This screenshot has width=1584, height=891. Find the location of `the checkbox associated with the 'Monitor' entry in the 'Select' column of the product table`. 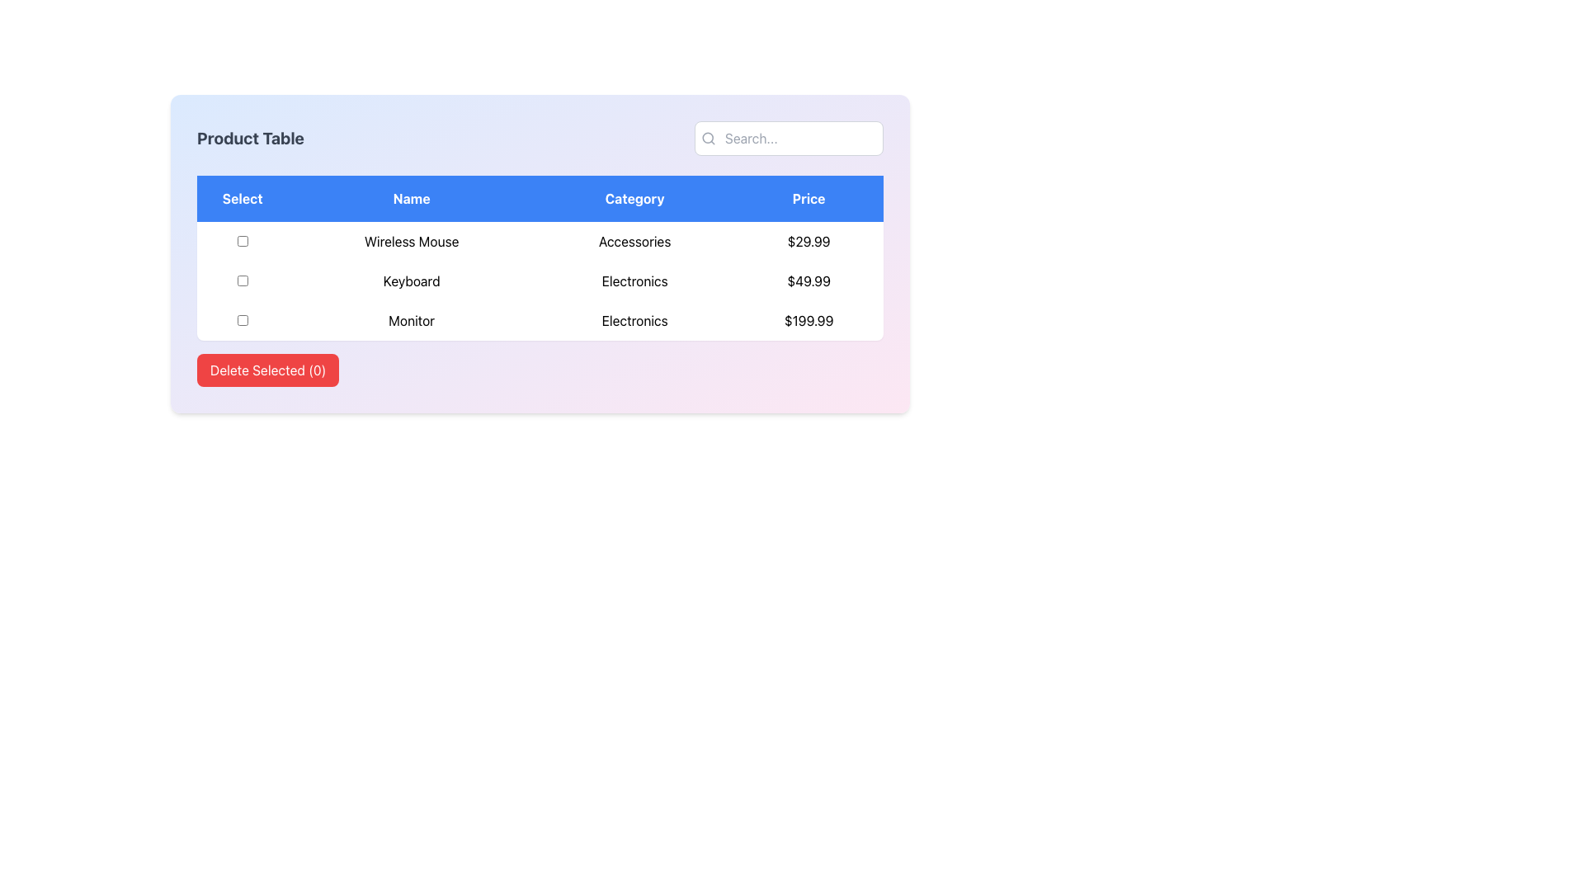

the checkbox associated with the 'Monitor' entry in the 'Select' column of the product table is located at coordinates (241, 320).